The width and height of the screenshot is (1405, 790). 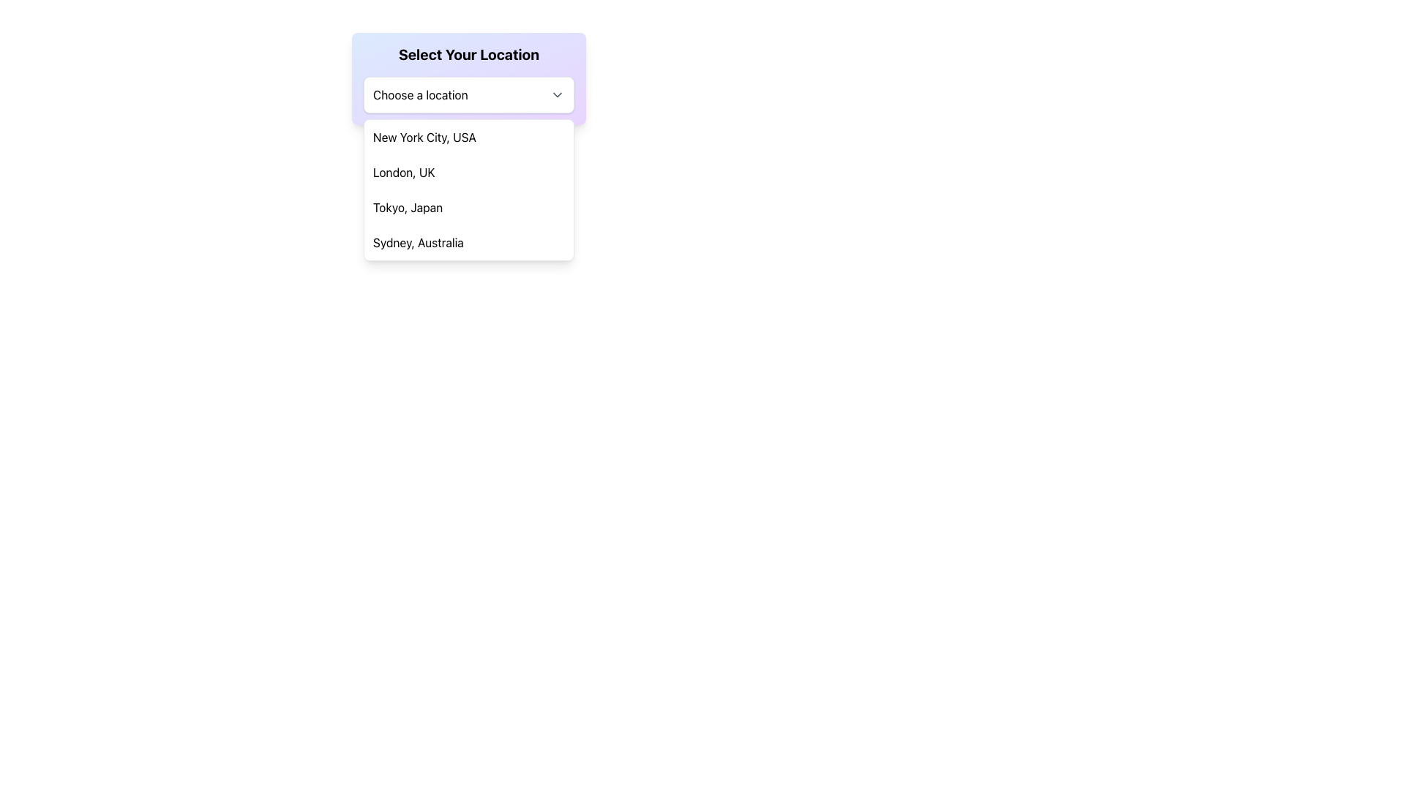 I want to click on the default placeholder text in the dropdown menu that guides the user to select a location, so click(x=419, y=95).